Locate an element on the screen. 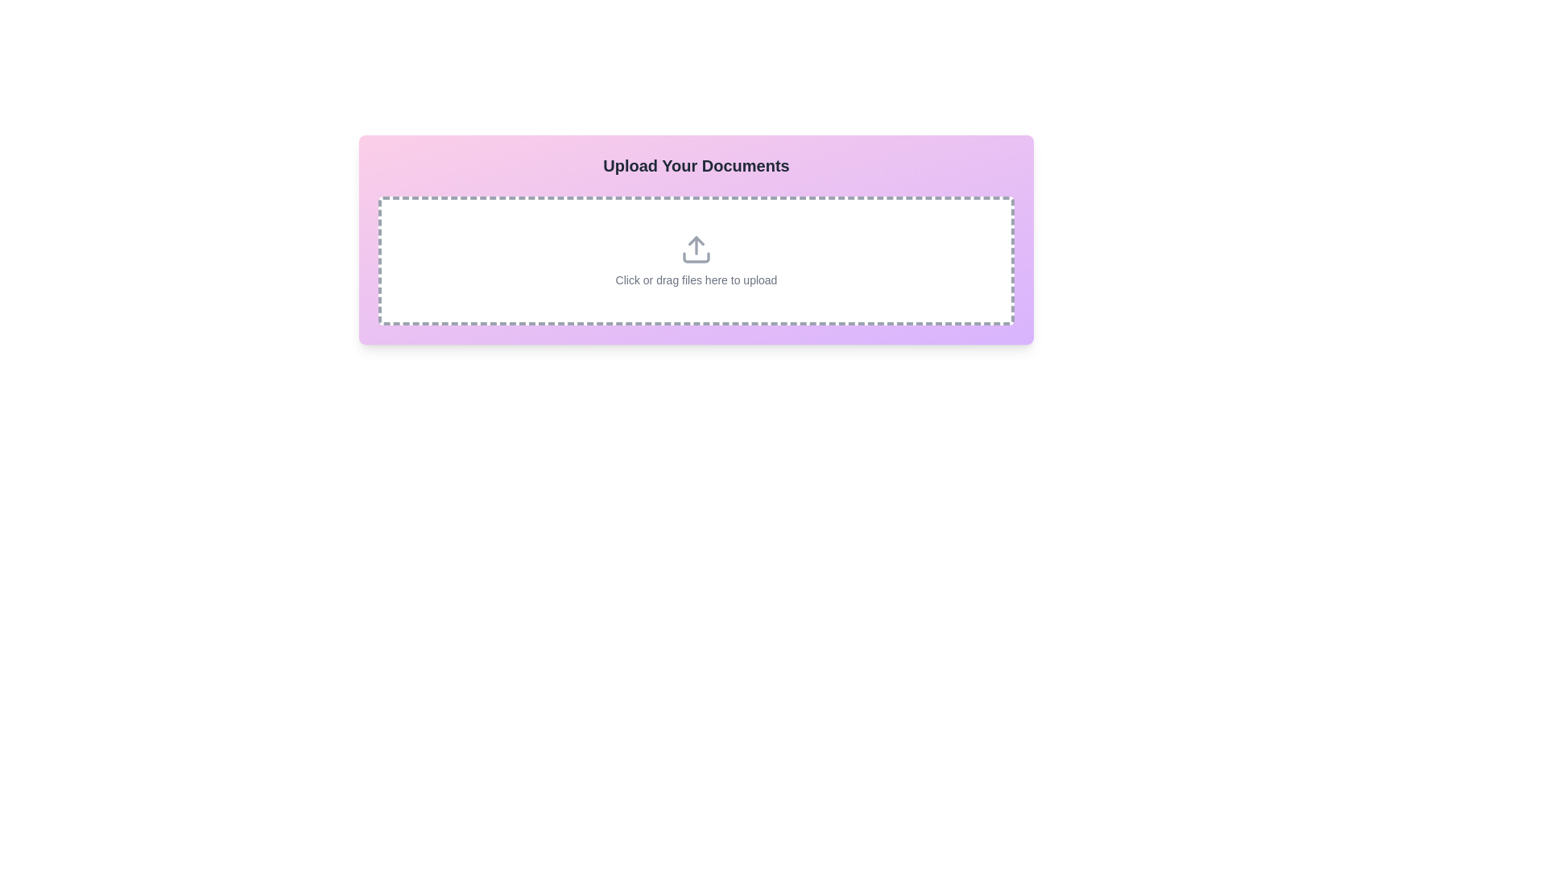  the interactive dropzone area with a dashed border and a gray upload icon, located below the title 'Upload Your Documents' is located at coordinates (696, 260).